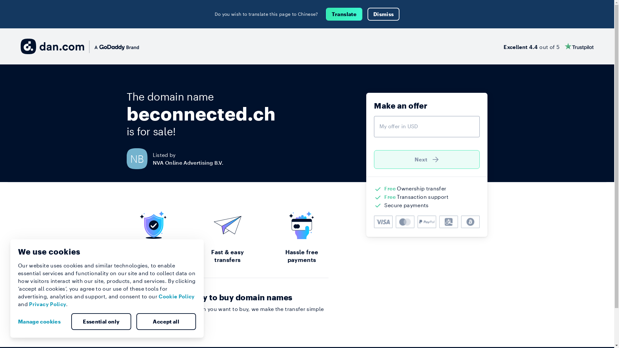 Image resolution: width=619 pixels, height=348 pixels. What do you see at coordinates (166, 322) in the screenshot?
I see `'Accept all'` at bounding box center [166, 322].